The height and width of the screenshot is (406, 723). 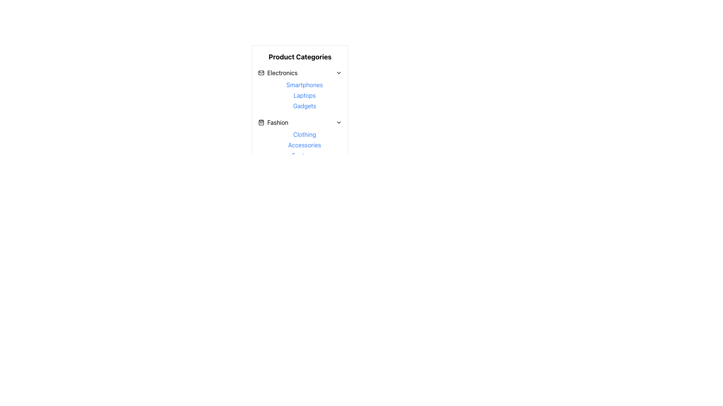 What do you see at coordinates (305, 134) in the screenshot?
I see `the bold blue hyperlink labeled 'Clothing'` at bounding box center [305, 134].